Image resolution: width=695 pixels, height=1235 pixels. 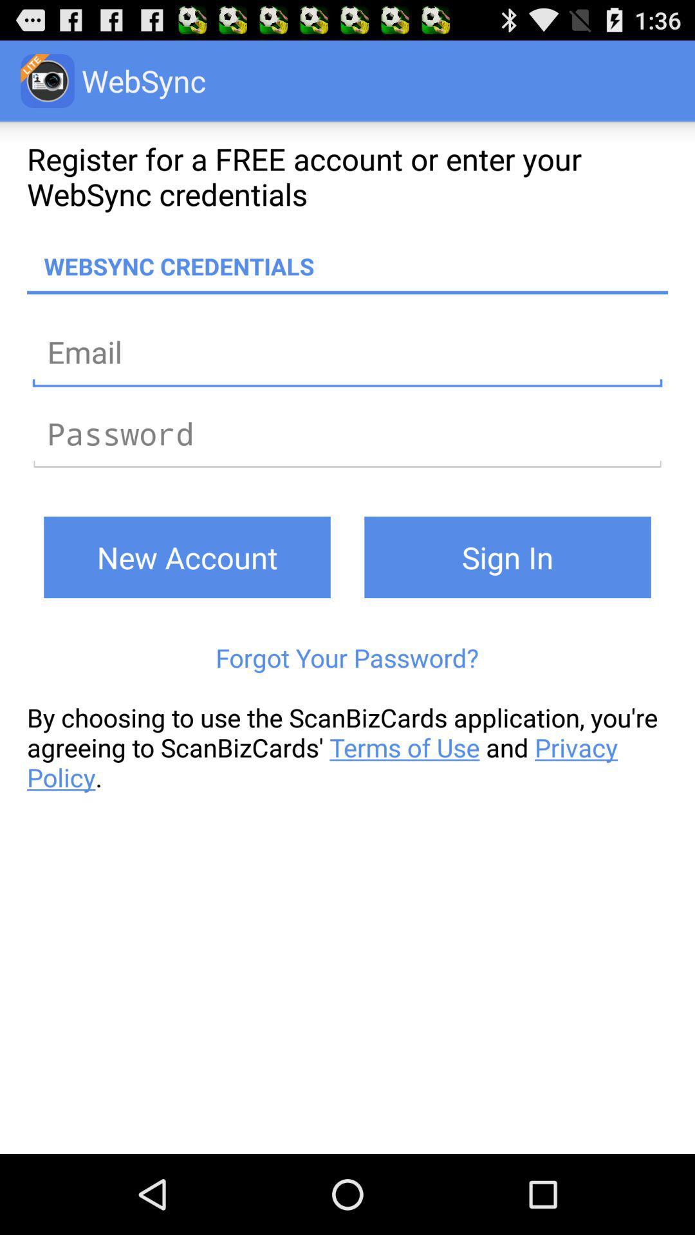 What do you see at coordinates (346, 657) in the screenshot?
I see `the button below new account button` at bounding box center [346, 657].